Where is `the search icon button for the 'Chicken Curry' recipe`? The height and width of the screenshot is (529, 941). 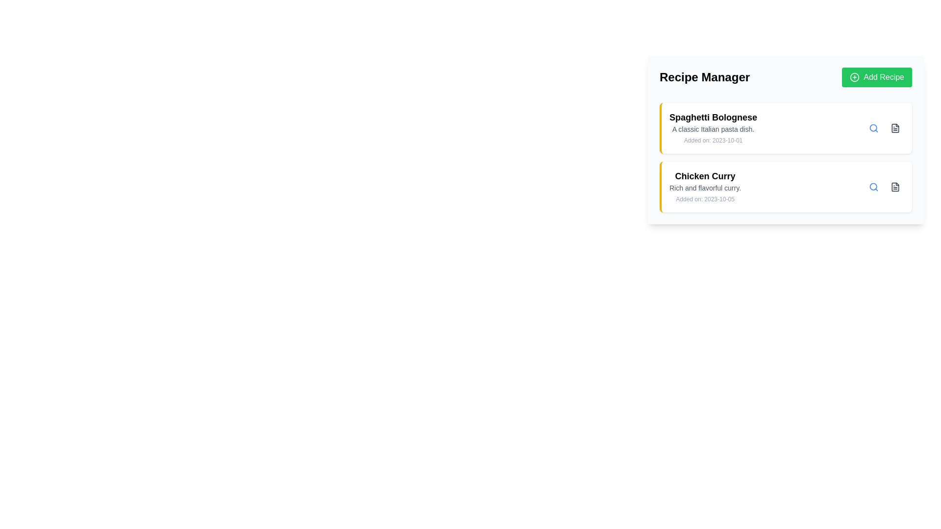
the search icon button for the 'Chicken Curry' recipe is located at coordinates (873, 187).